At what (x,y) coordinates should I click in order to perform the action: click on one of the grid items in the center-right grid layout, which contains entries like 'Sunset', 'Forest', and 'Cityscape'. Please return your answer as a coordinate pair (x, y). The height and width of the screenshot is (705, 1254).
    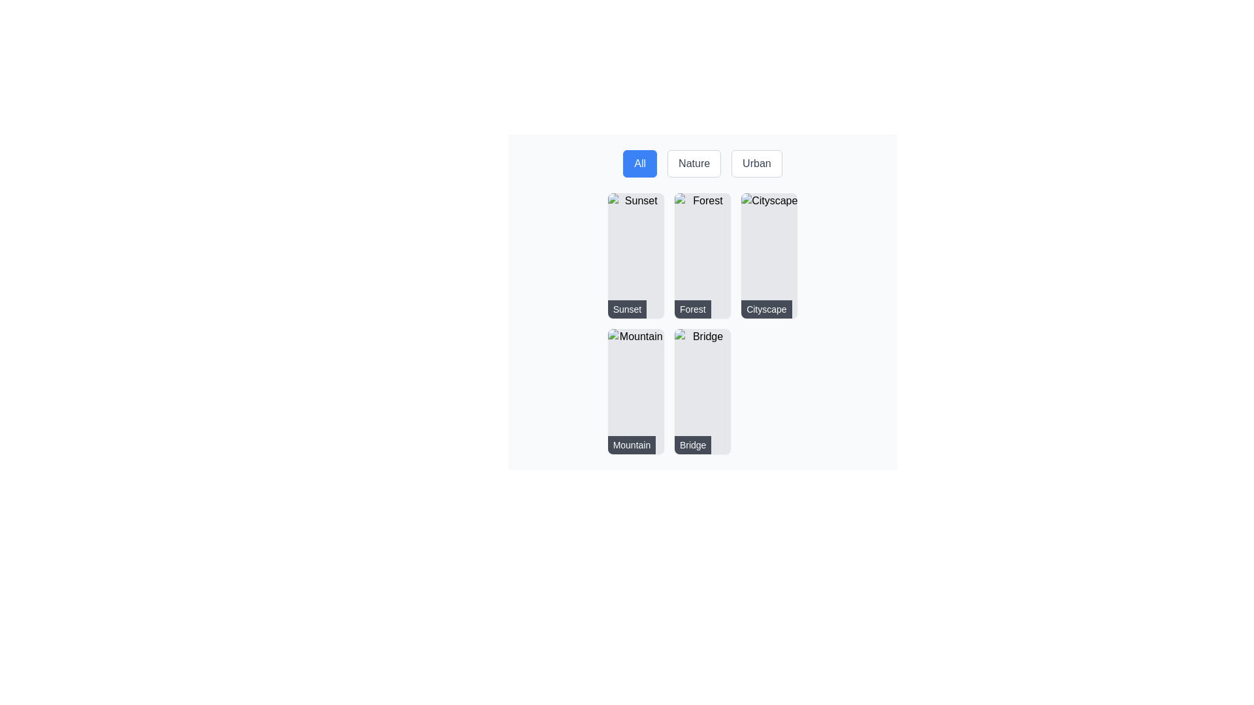
    Looking at the image, I should click on (701, 323).